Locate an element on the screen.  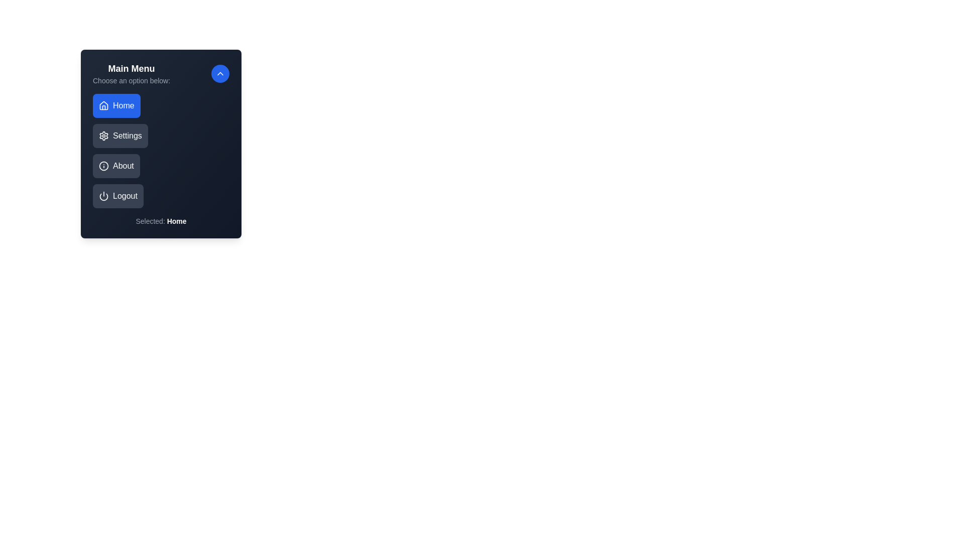
the 'Home' label, which is displayed in bold white font at the bottom center of the menu panel, below the 'Selected:' section is located at coordinates (177, 220).